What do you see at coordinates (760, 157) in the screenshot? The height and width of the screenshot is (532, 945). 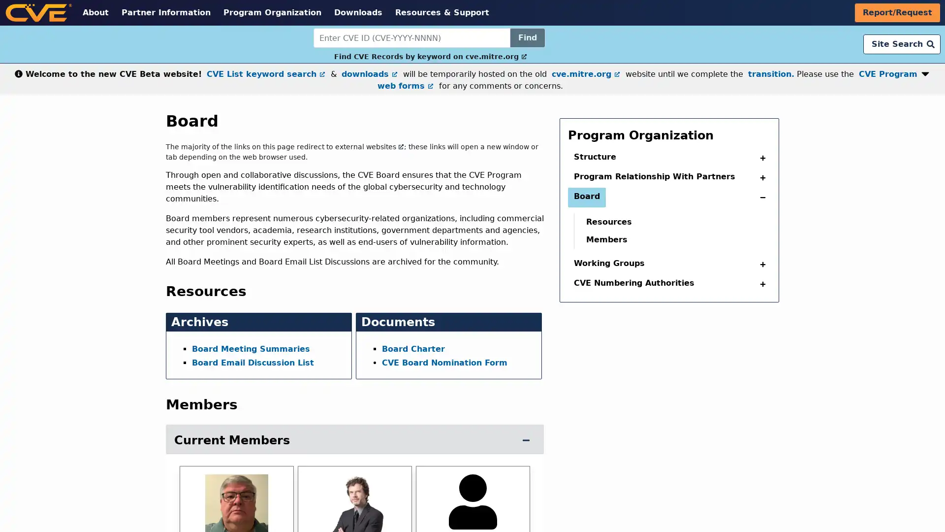 I see `collapse` at bounding box center [760, 157].